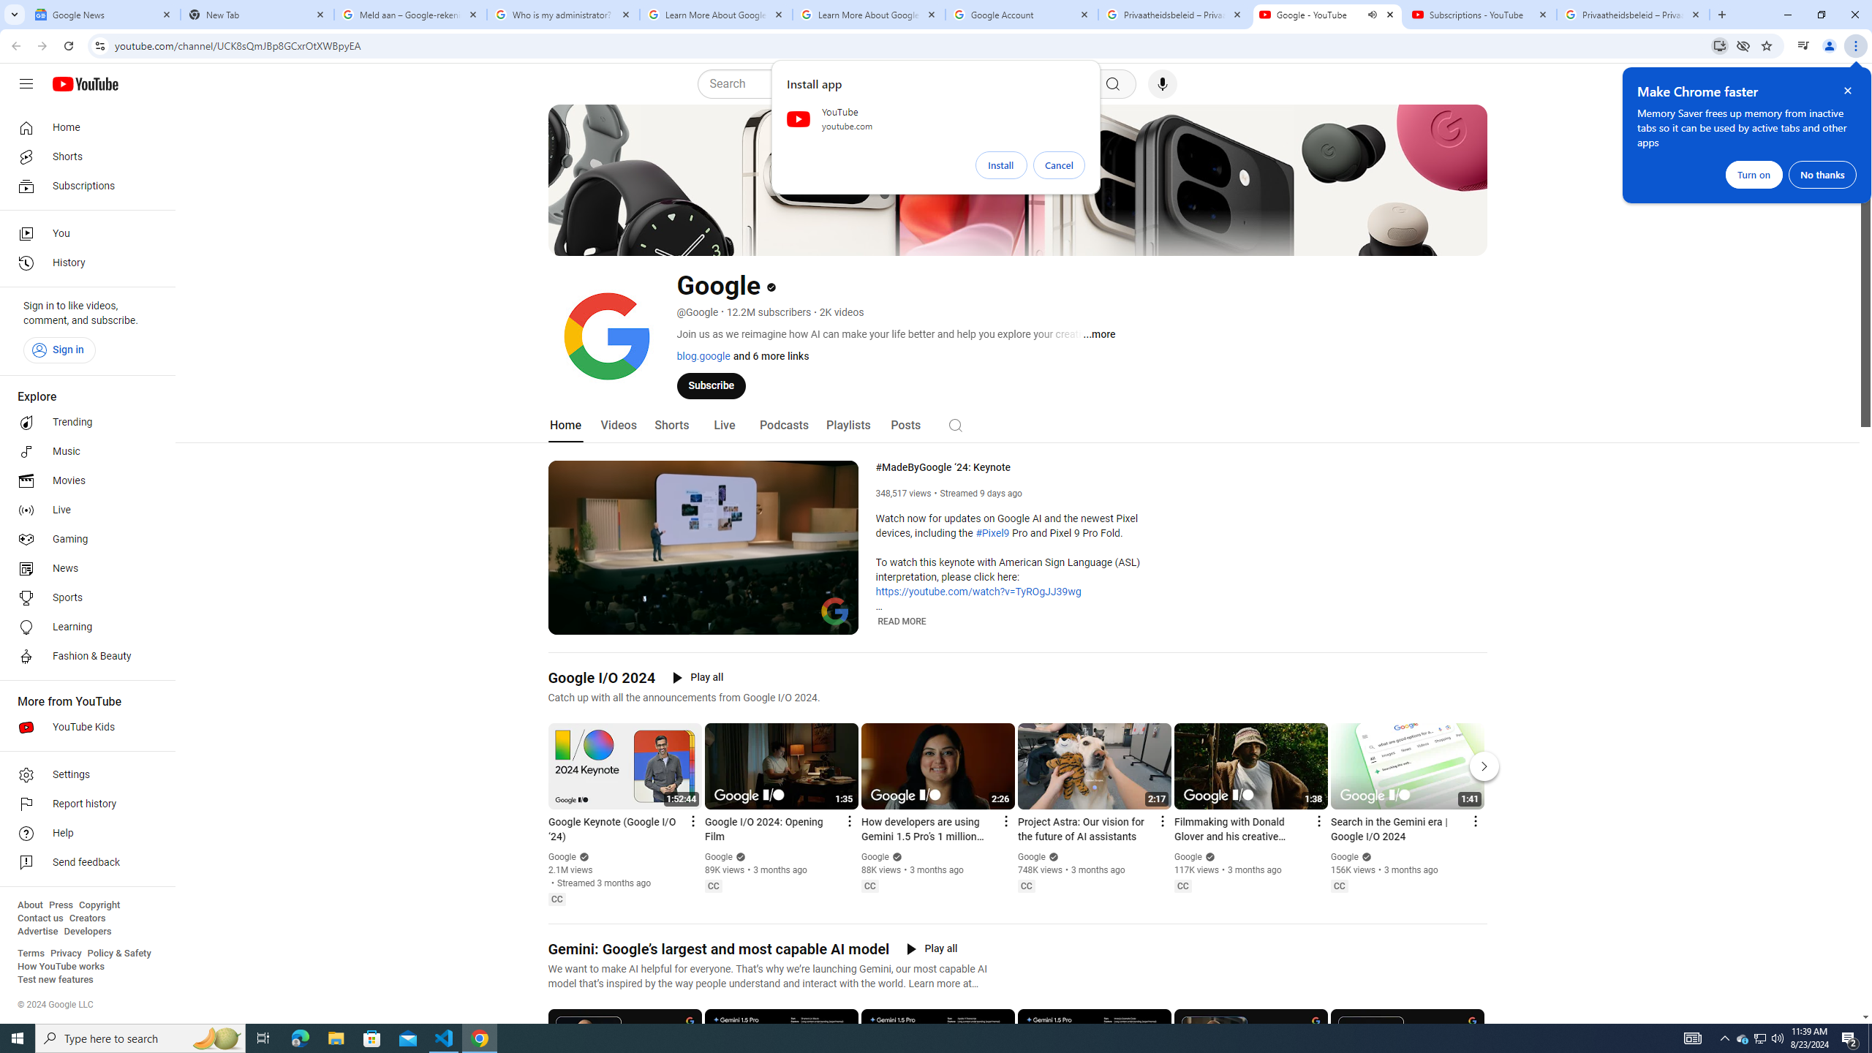 The width and height of the screenshot is (1872, 1053). Describe the element at coordinates (83, 423) in the screenshot. I see `'Trending'` at that location.